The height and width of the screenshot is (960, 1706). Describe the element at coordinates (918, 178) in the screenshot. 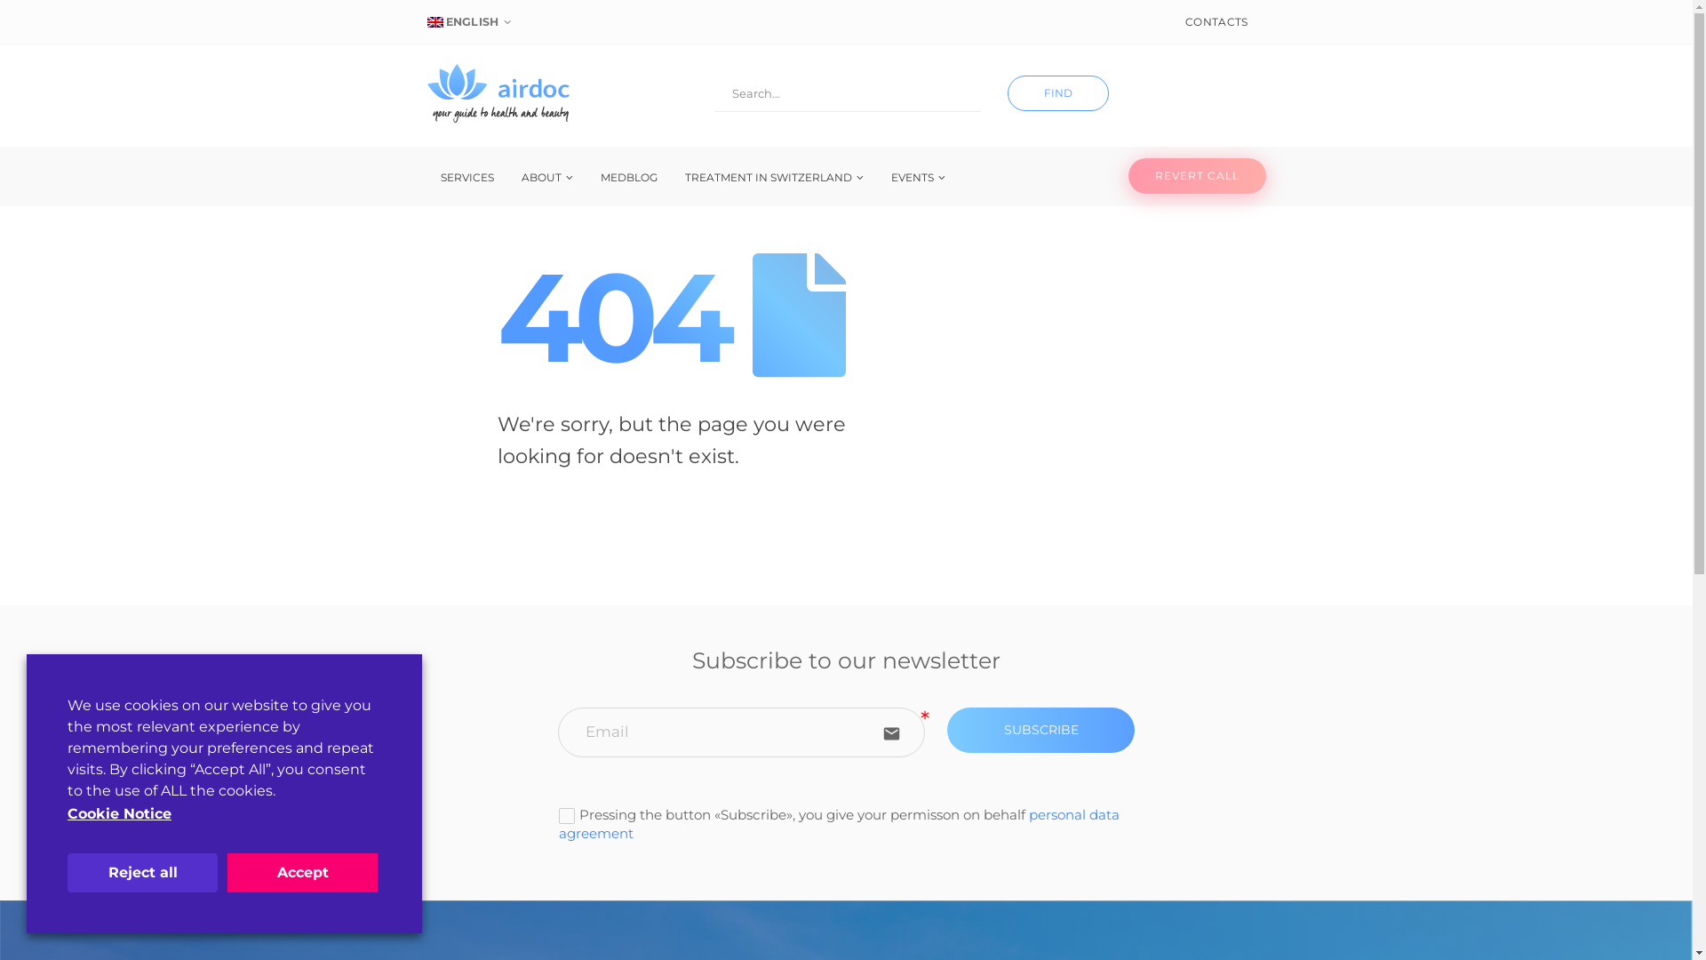

I see `'EVENTS'` at that location.